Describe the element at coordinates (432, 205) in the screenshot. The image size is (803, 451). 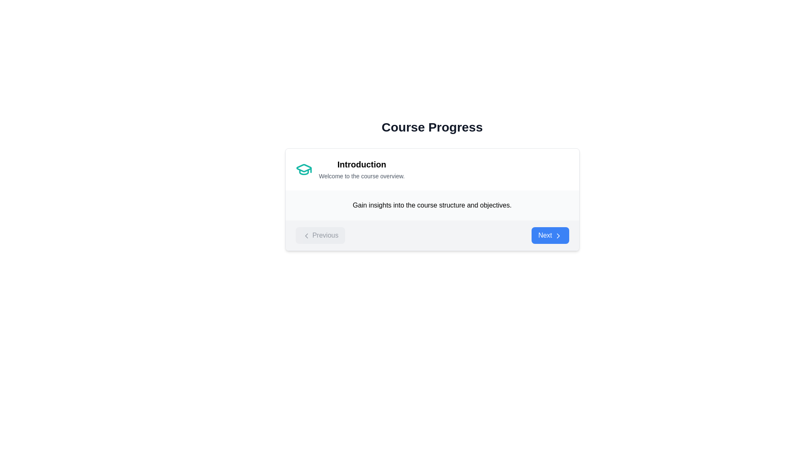
I see `the textual description element that contains the text 'Gain insights into the course structure and objectives.' which is displayed in a light gray rectangle below the 'Introduction' section and above the navigation bar` at that location.